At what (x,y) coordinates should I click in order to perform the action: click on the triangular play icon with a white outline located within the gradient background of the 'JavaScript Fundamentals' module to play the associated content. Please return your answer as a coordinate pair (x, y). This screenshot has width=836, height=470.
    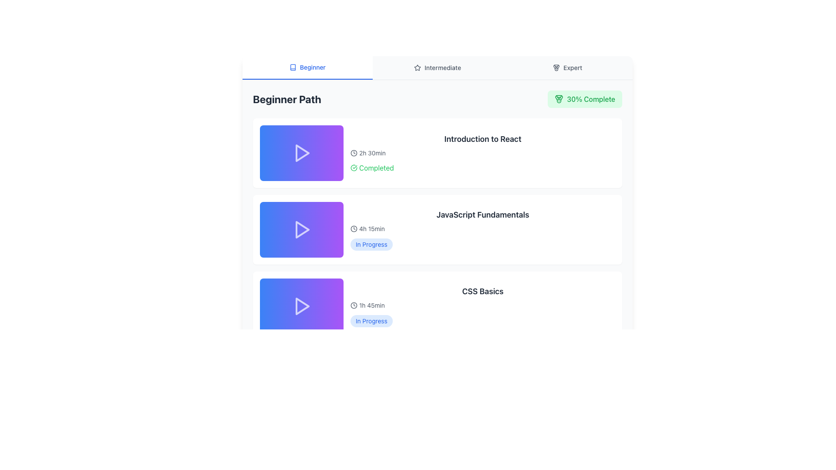
    Looking at the image, I should click on (301, 229).